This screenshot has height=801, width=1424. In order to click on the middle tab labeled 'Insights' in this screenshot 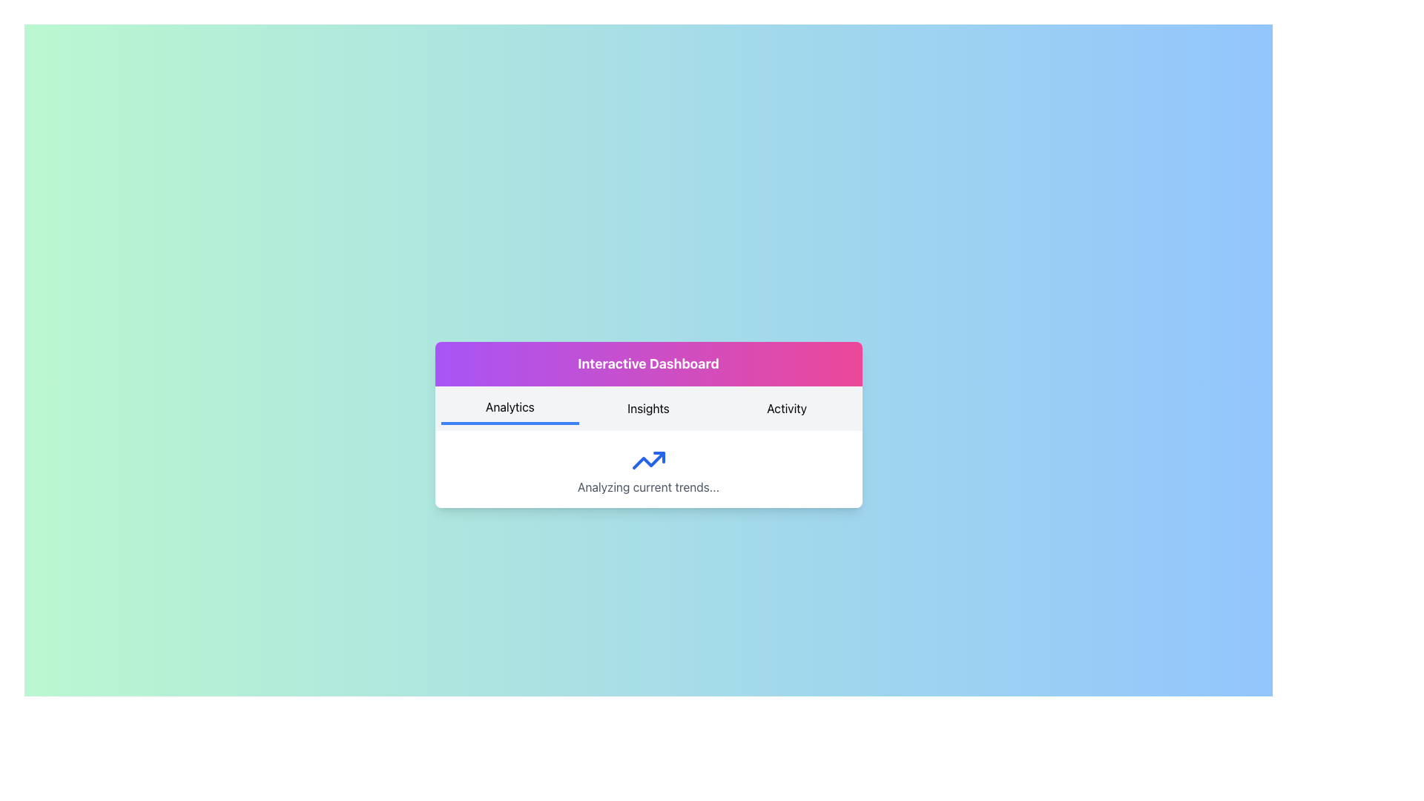, I will do `click(648, 409)`.